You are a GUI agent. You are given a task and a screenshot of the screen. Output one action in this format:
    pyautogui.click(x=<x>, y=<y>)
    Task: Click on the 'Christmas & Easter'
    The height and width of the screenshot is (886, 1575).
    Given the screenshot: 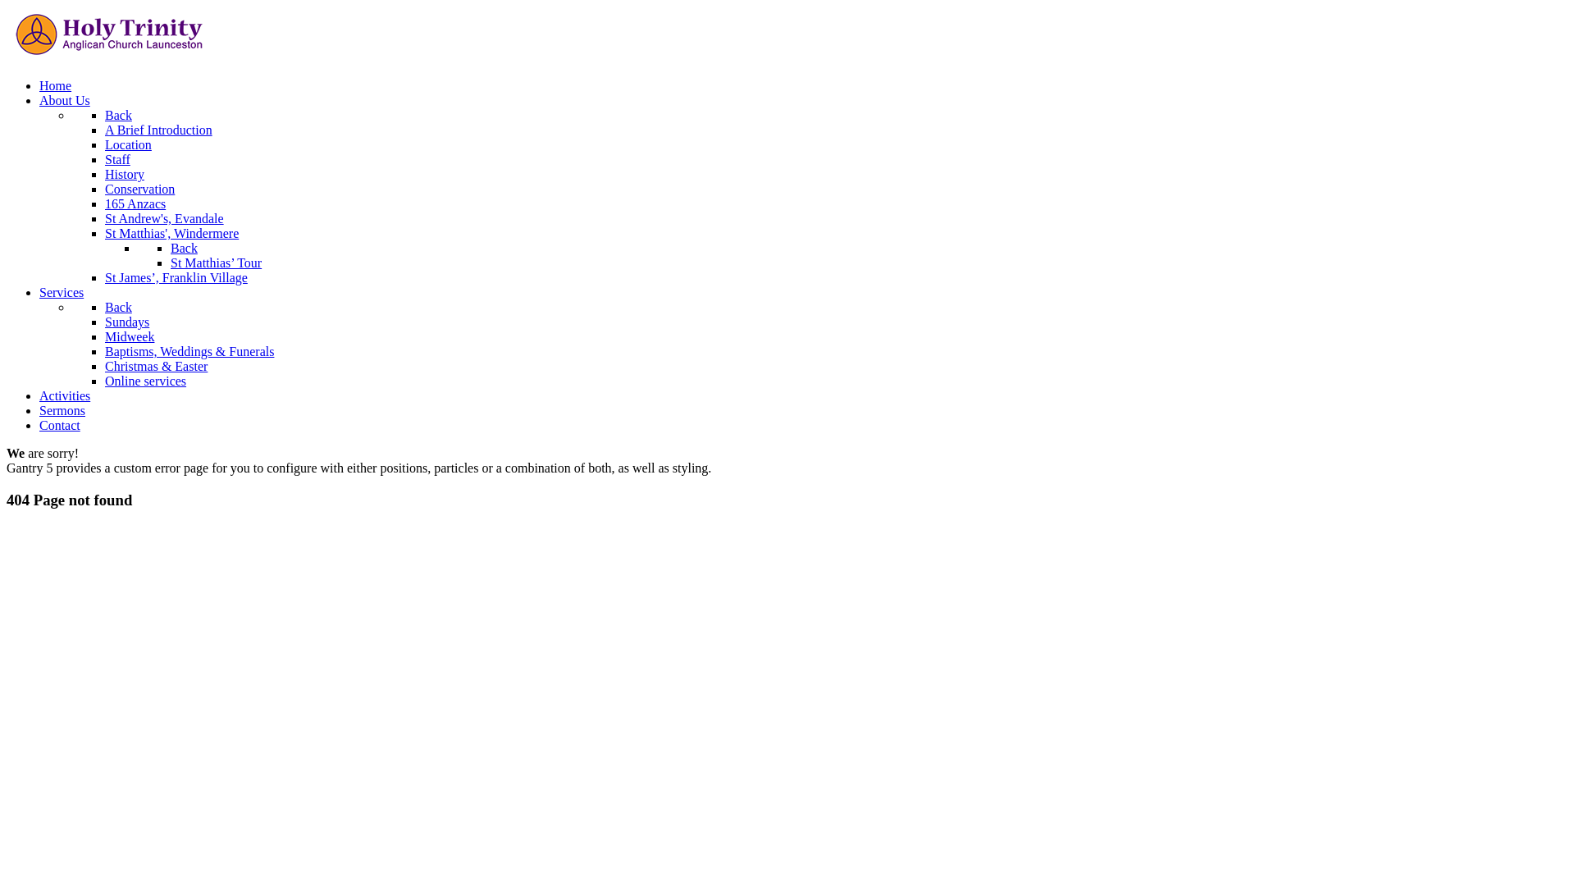 What is the action you would take?
    pyautogui.click(x=156, y=365)
    